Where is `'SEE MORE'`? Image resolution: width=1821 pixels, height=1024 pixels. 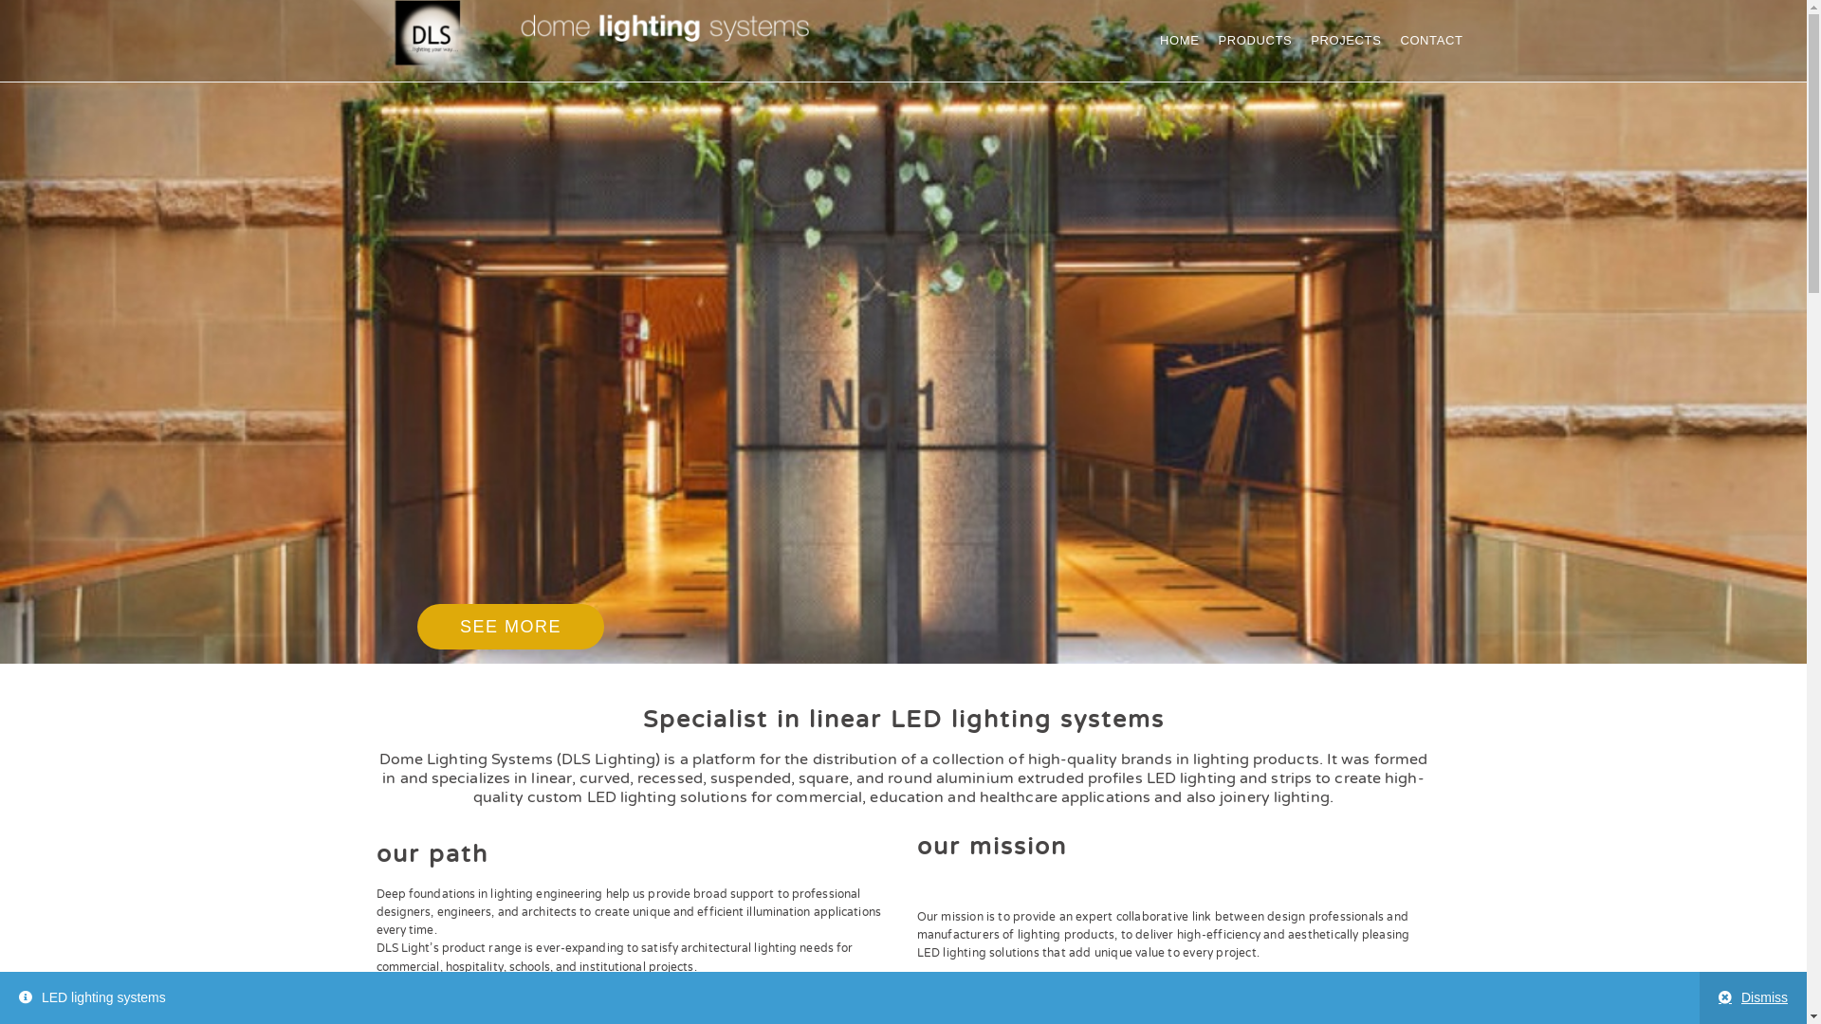
'SEE MORE' is located at coordinates (510, 626).